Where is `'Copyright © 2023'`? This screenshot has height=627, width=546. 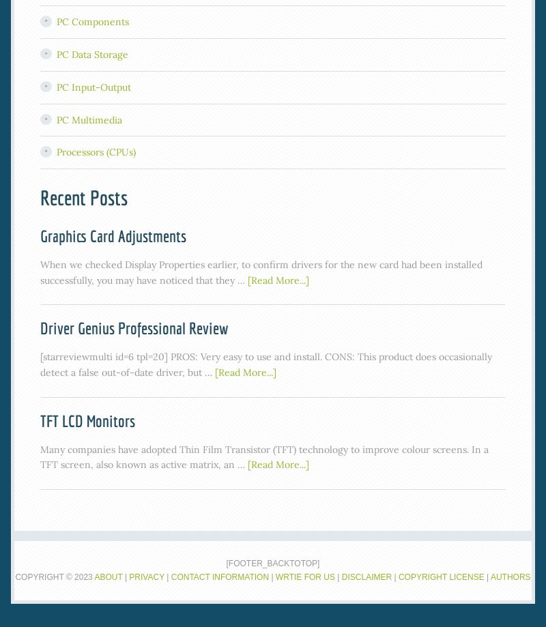
'Copyright © 2023' is located at coordinates (55, 576).